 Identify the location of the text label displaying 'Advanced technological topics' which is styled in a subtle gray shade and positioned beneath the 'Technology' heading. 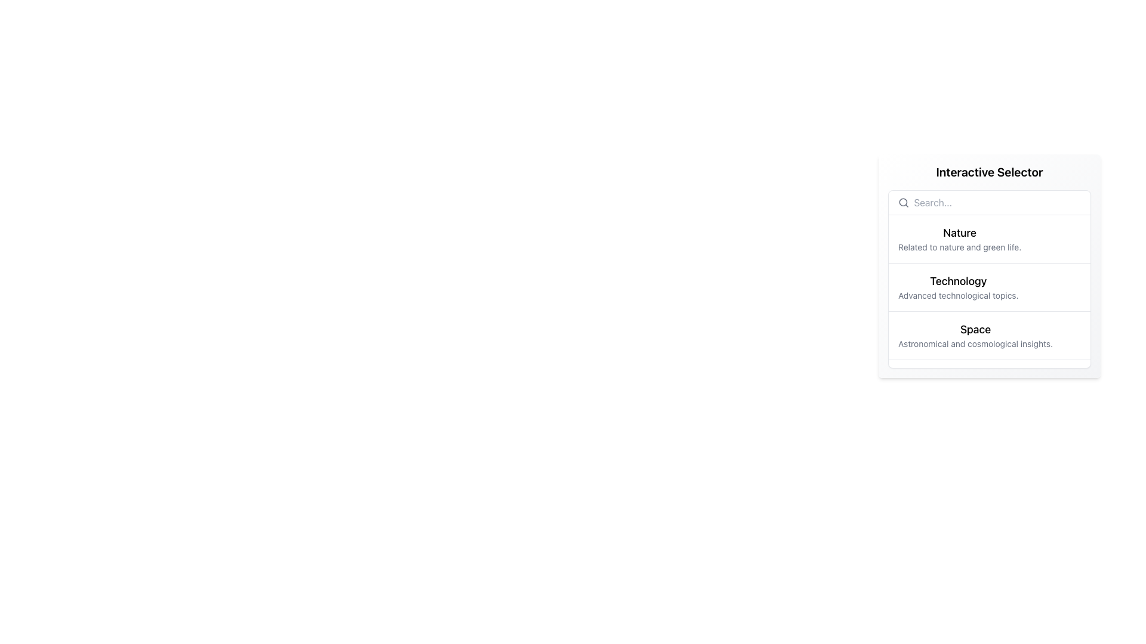
(958, 295).